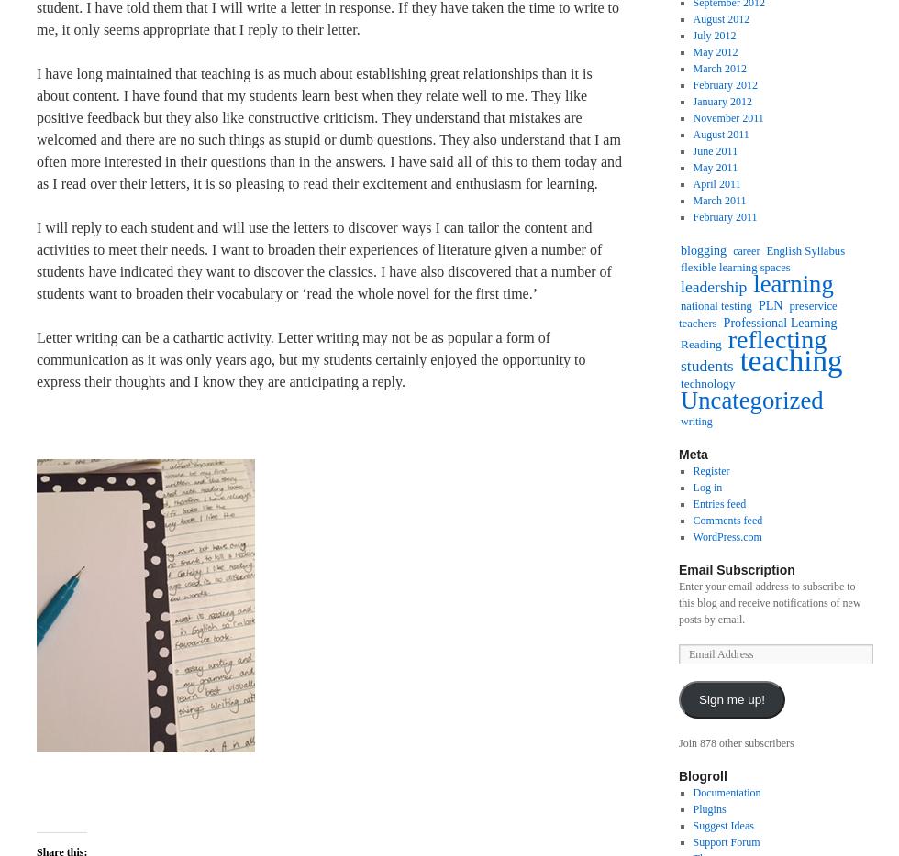 This screenshot has height=856, width=899. Describe the element at coordinates (719, 69) in the screenshot. I see `'March 2012'` at that location.